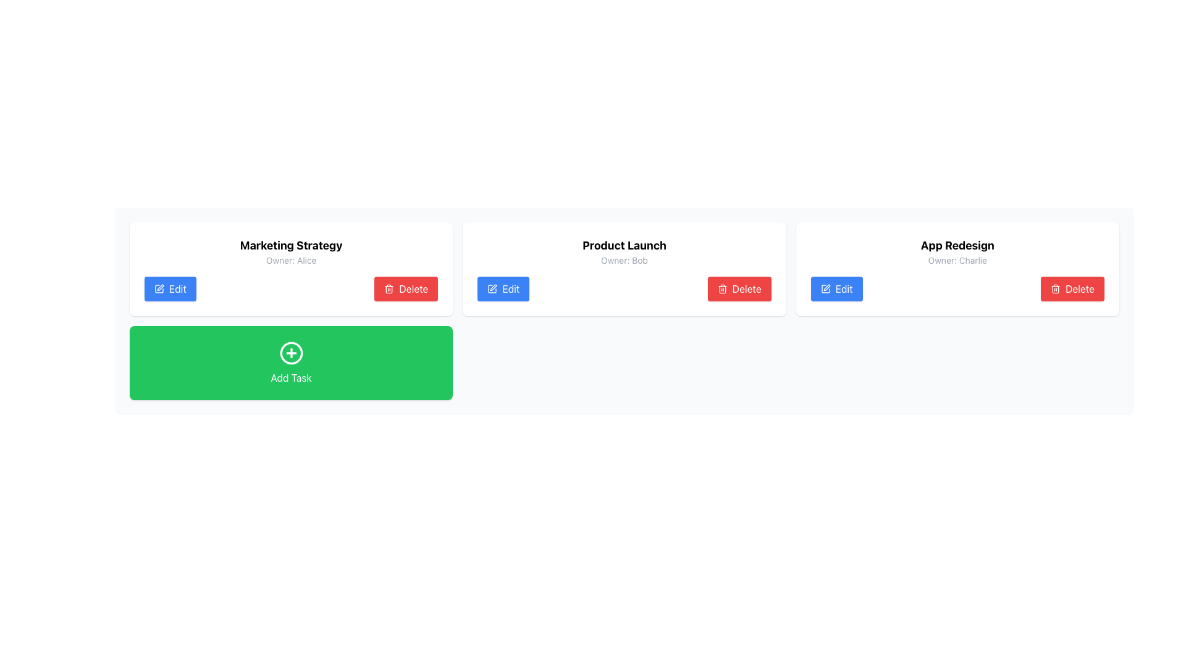 The height and width of the screenshot is (667, 1186). Describe the element at coordinates (722, 290) in the screenshot. I see `the 'Delete' icon located within the 'Delete' button of the 'Product Launch' task card, which is the second card in the row of task cards` at that location.